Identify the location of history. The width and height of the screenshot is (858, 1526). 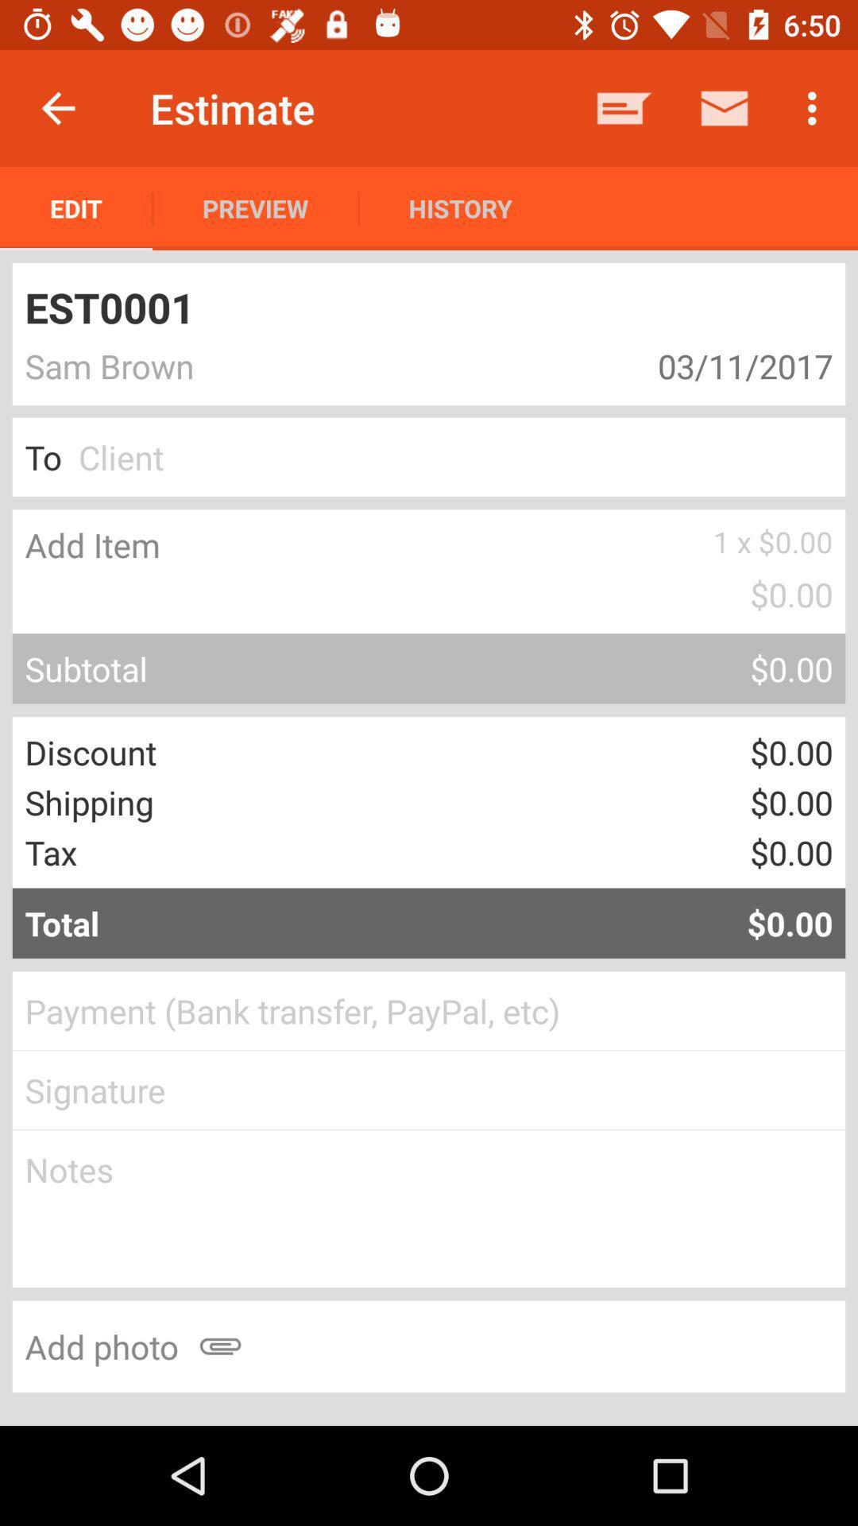
(460, 207).